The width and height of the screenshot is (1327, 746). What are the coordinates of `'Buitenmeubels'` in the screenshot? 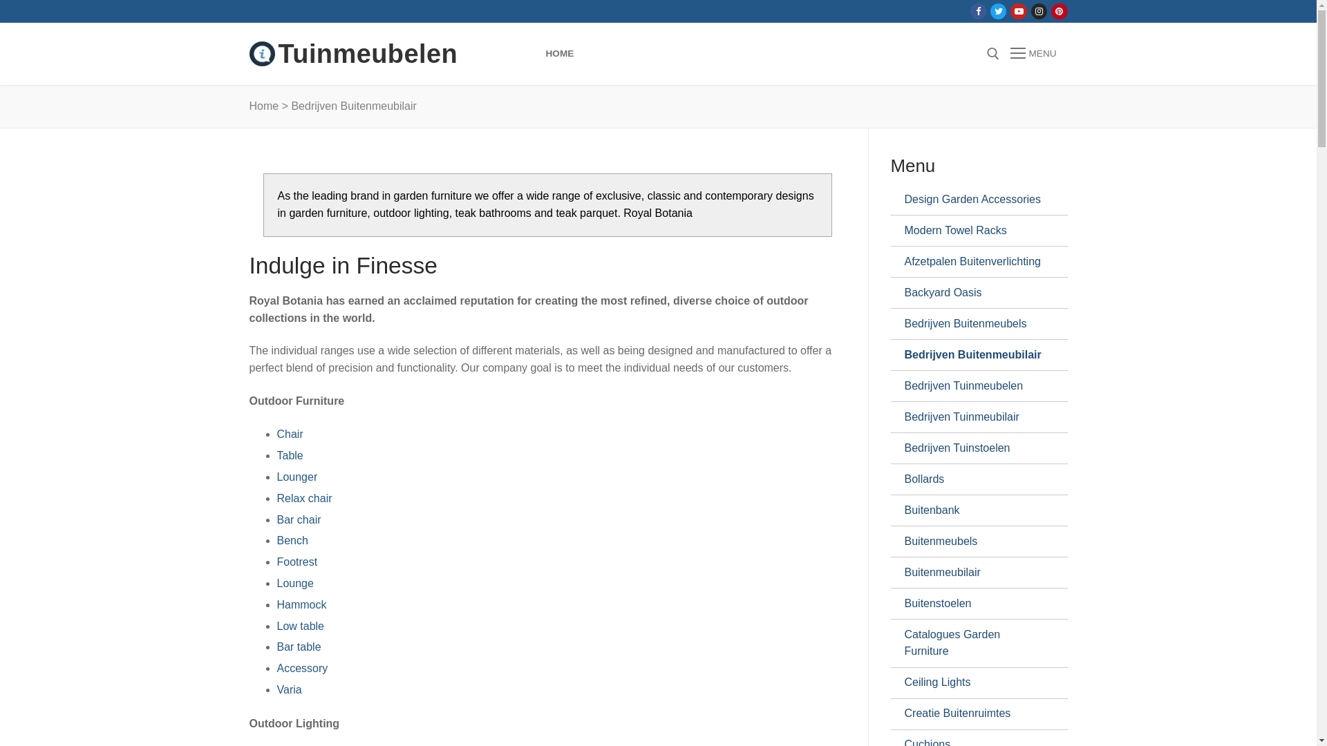 It's located at (972, 540).